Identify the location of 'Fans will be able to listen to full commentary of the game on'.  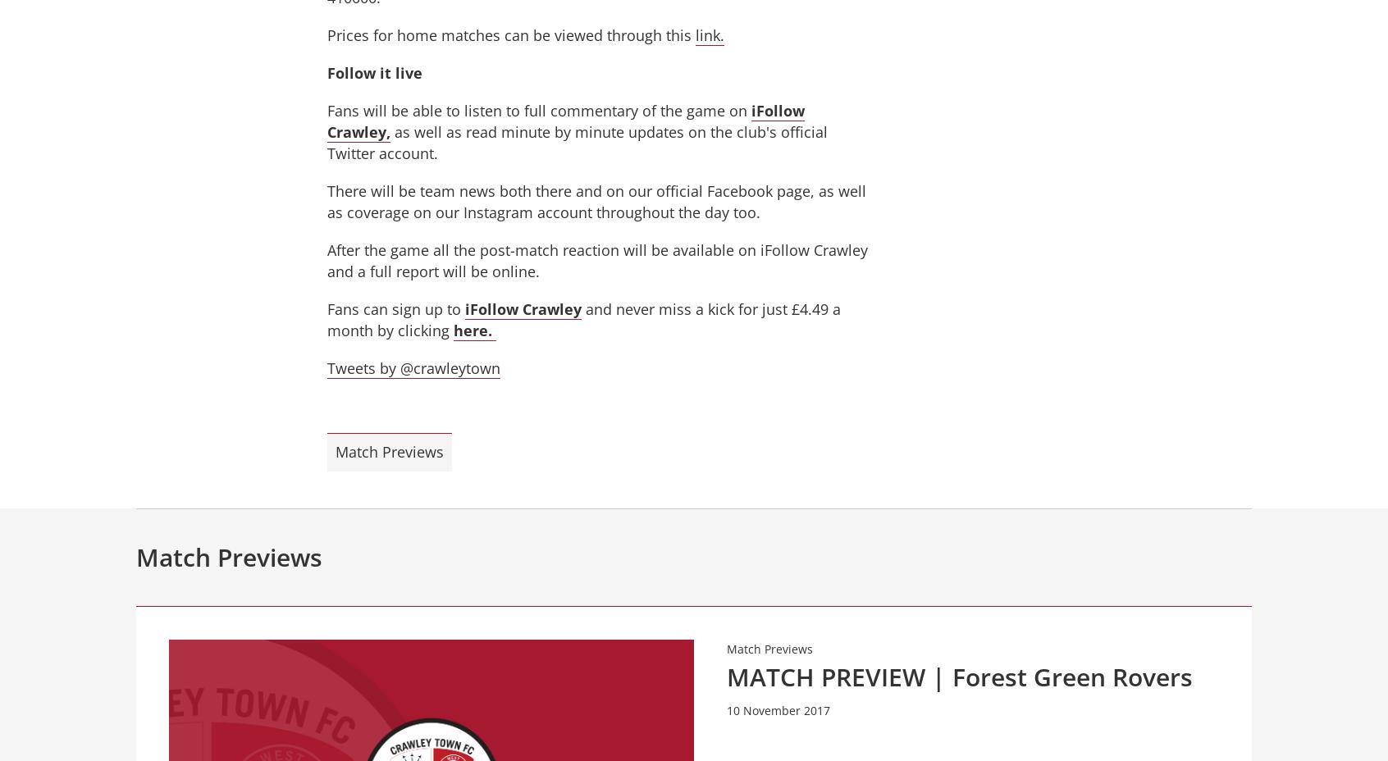
(539, 110).